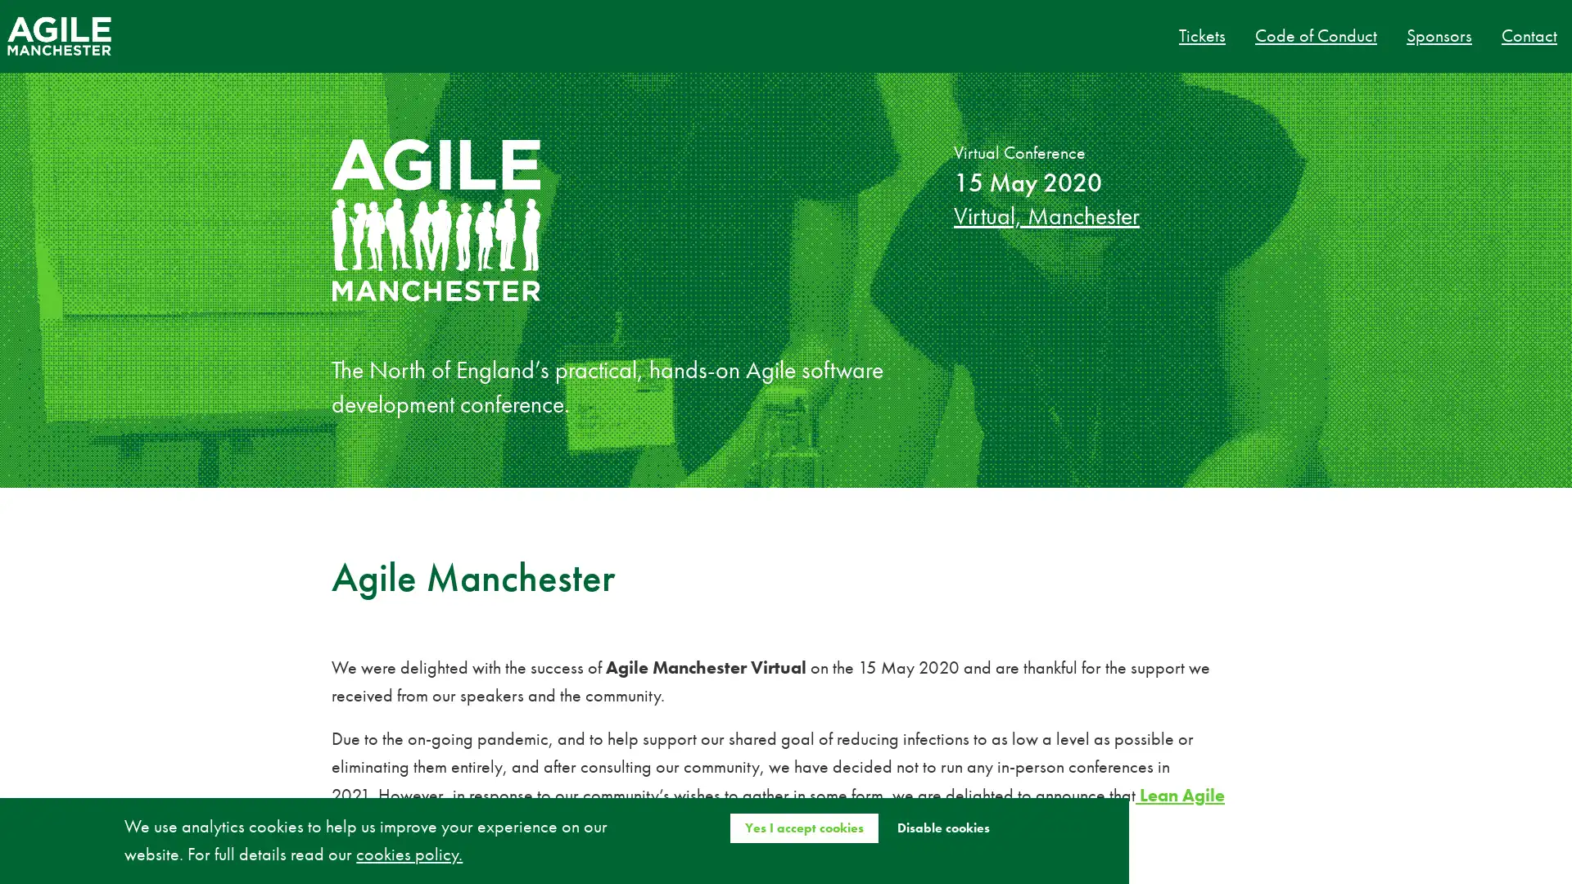  Describe the element at coordinates (942, 827) in the screenshot. I see `Disable cookies` at that location.